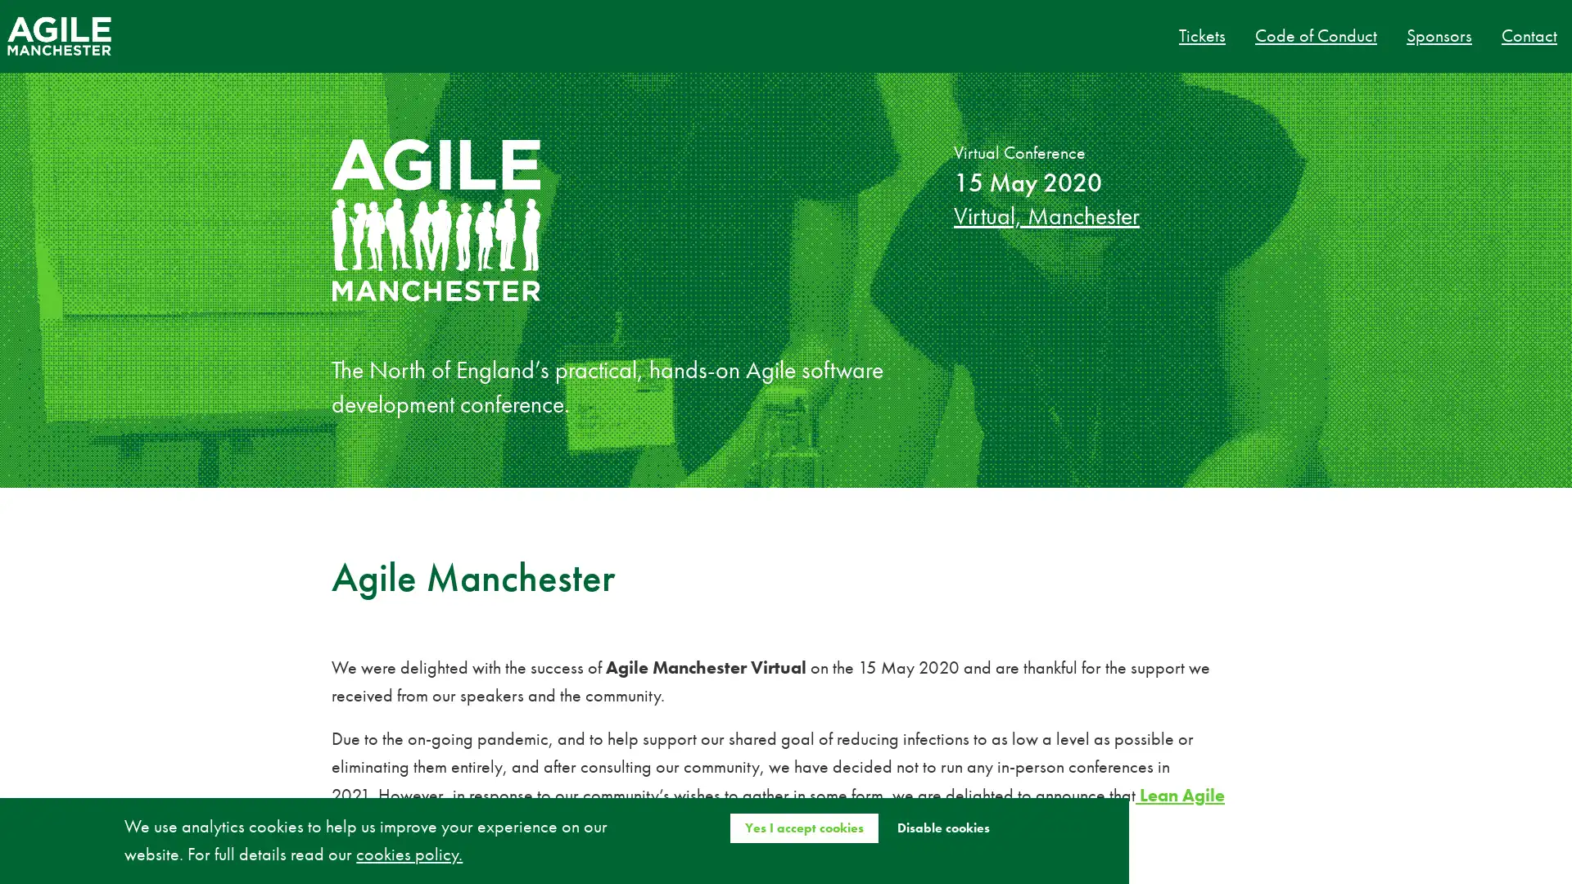  Describe the element at coordinates (942, 827) in the screenshot. I see `Disable cookies` at that location.